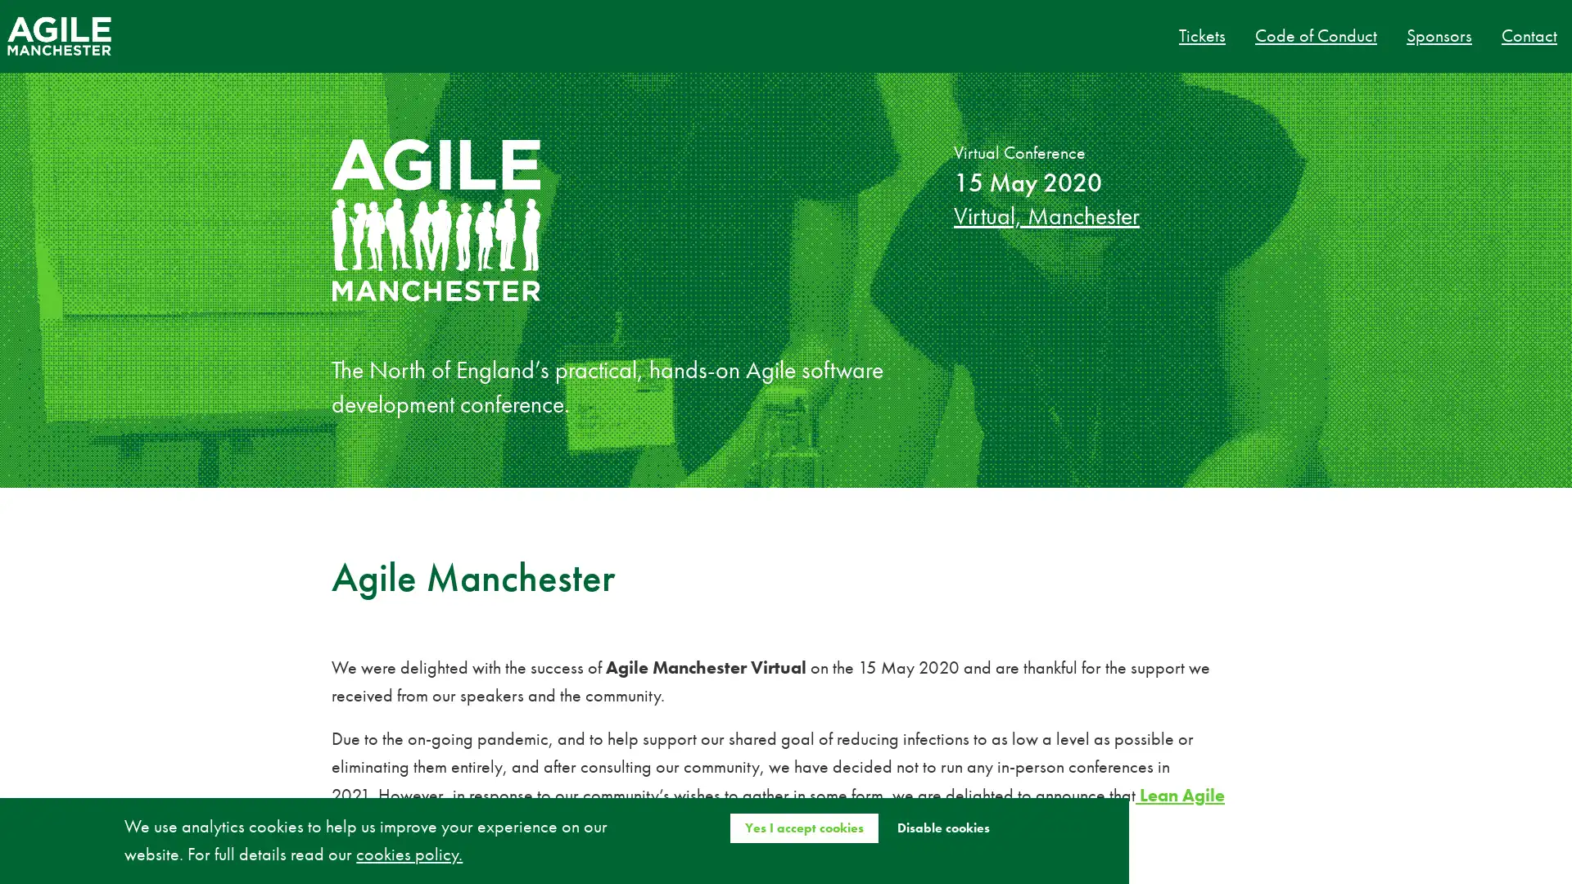  Describe the element at coordinates (942, 827) in the screenshot. I see `Disable cookies` at that location.